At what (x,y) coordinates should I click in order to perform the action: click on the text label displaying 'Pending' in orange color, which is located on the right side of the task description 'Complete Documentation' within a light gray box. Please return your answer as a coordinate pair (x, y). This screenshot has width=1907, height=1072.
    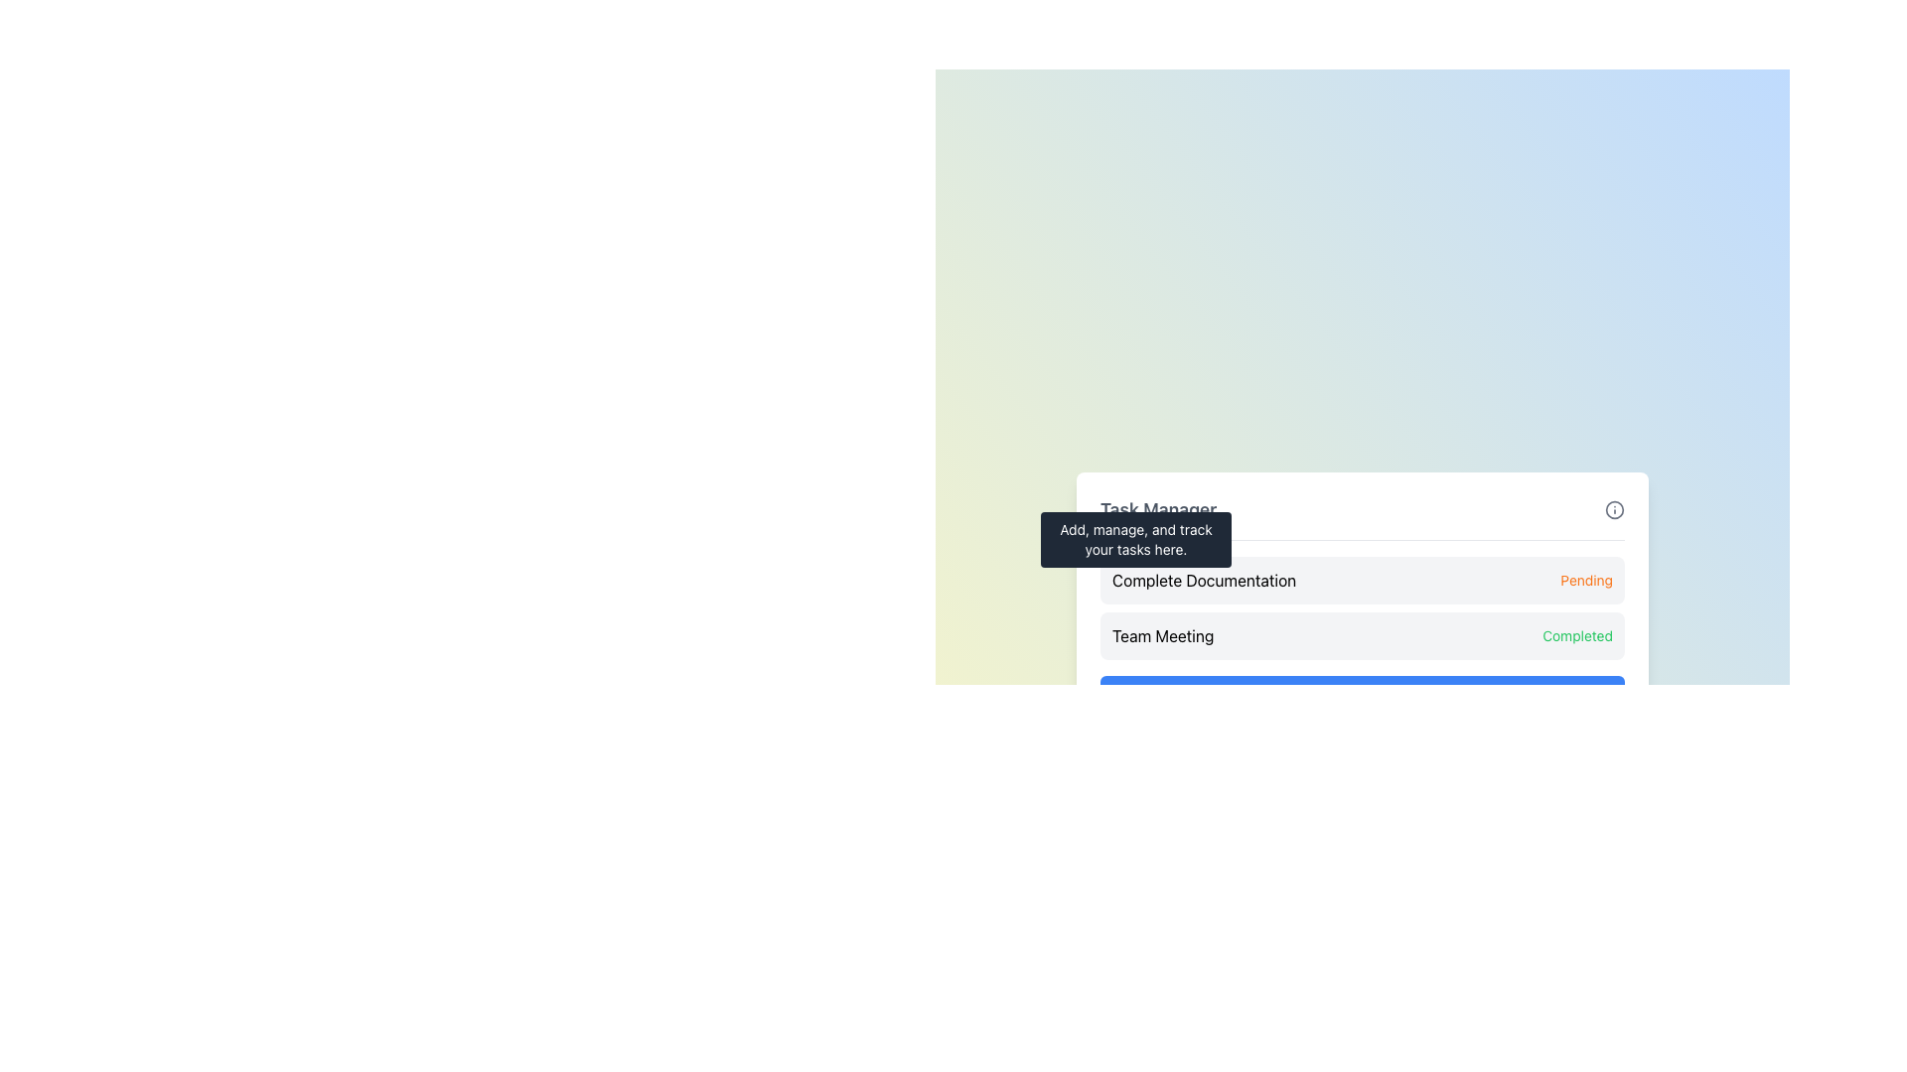
    Looking at the image, I should click on (1585, 580).